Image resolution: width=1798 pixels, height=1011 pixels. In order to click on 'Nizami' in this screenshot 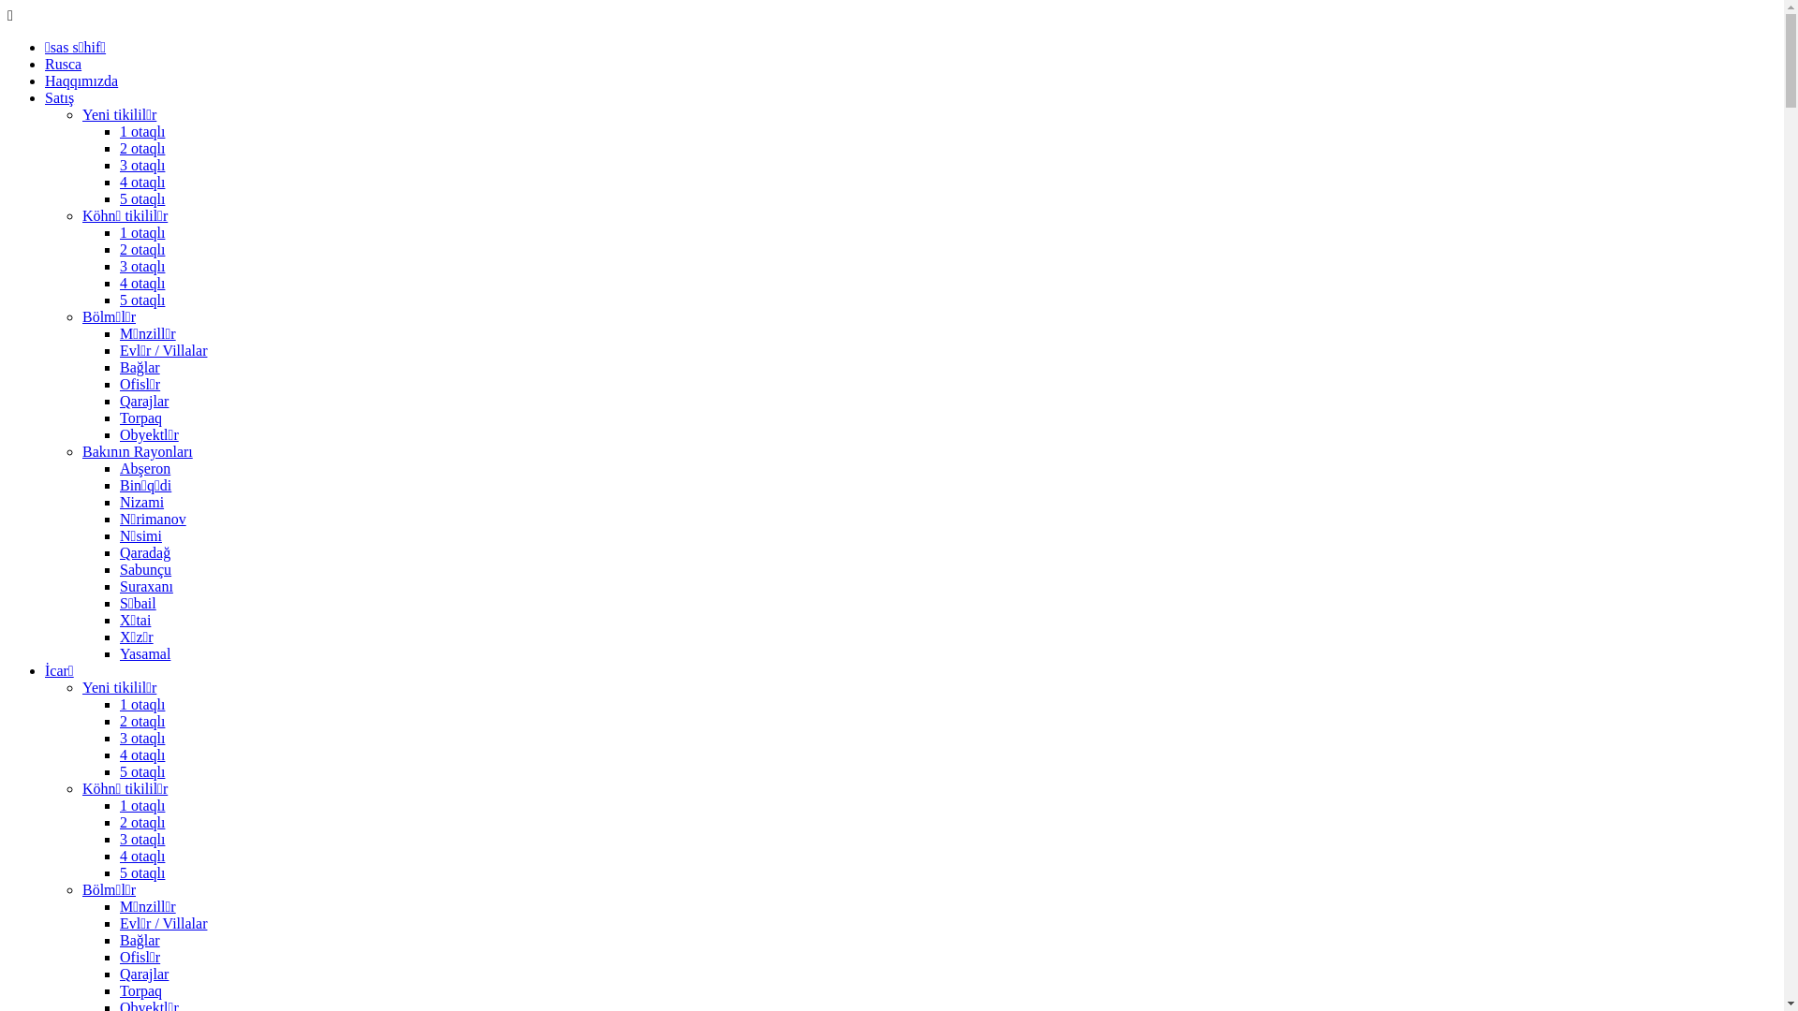, I will do `click(119, 501)`.